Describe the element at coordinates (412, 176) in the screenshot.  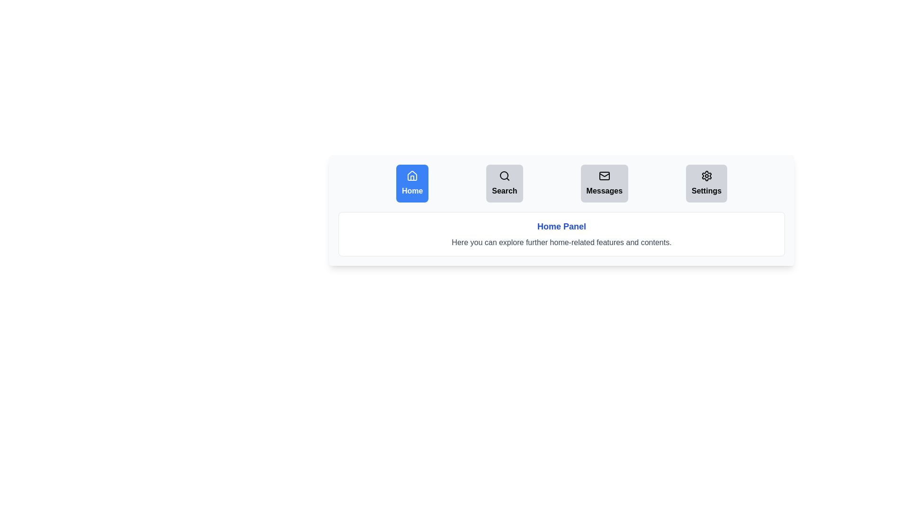
I see `the compact house SVG icon located on the blue background of the 'Home' button in the horizontal menu bar` at that location.